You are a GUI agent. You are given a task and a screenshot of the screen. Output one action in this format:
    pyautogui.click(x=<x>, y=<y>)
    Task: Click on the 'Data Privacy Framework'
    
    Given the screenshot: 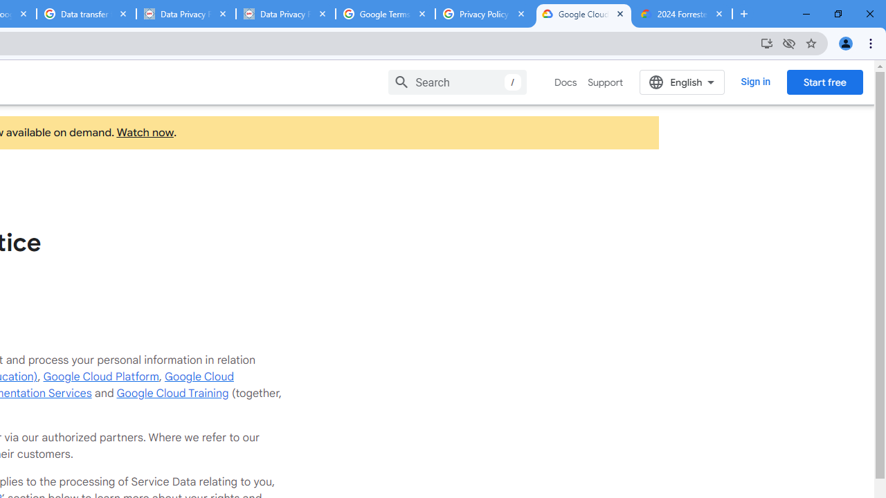 What is the action you would take?
    pyautogui.click(x=284, y=14)
    